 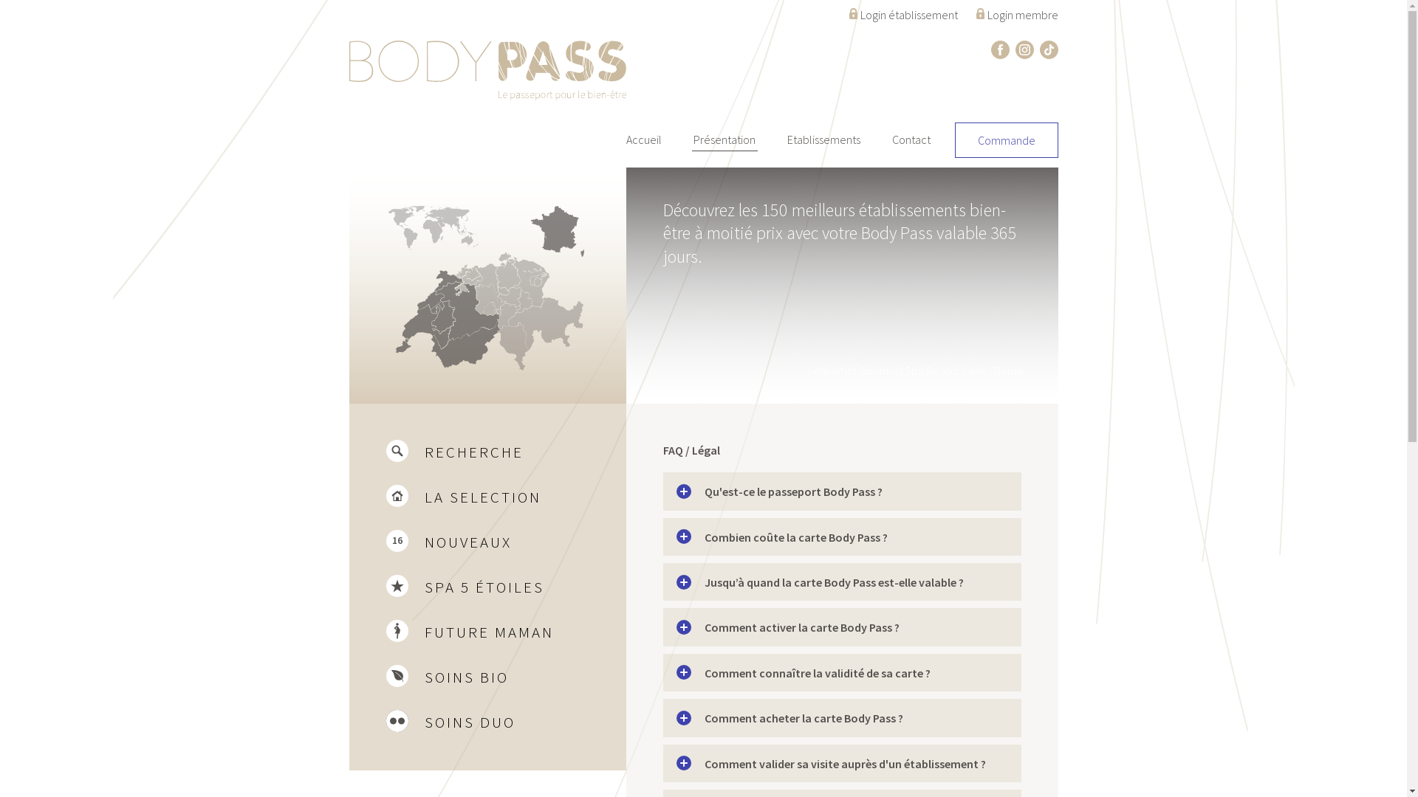 What do you see at coordinates (683, 672) in the screenshot?
I see `'Open'` at bounding box center [683, 672].